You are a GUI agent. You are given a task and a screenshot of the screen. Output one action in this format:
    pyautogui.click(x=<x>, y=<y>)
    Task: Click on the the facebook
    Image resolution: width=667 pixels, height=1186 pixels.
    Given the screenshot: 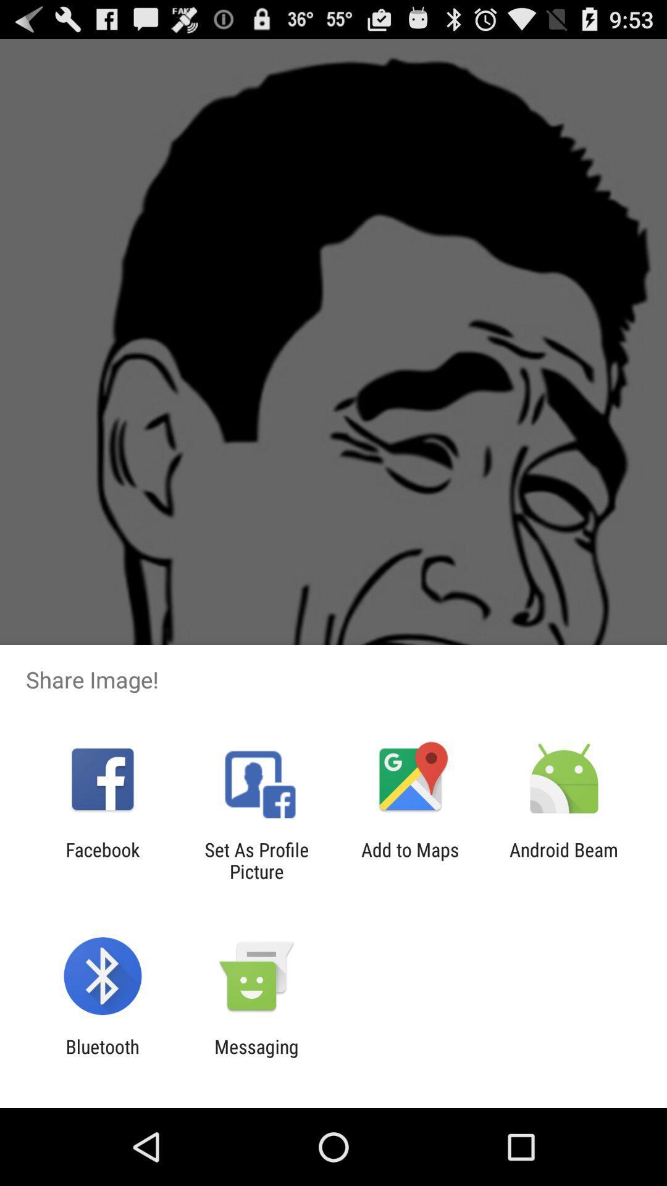 What is the action you would take?
    pyautogui.click(x=102, y=860)
    